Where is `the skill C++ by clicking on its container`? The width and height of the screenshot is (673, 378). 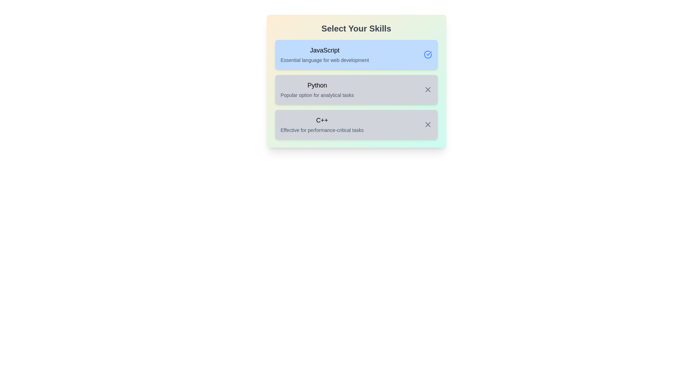
the skill C++ by clicking on its container is located at coordinates (356, 124).